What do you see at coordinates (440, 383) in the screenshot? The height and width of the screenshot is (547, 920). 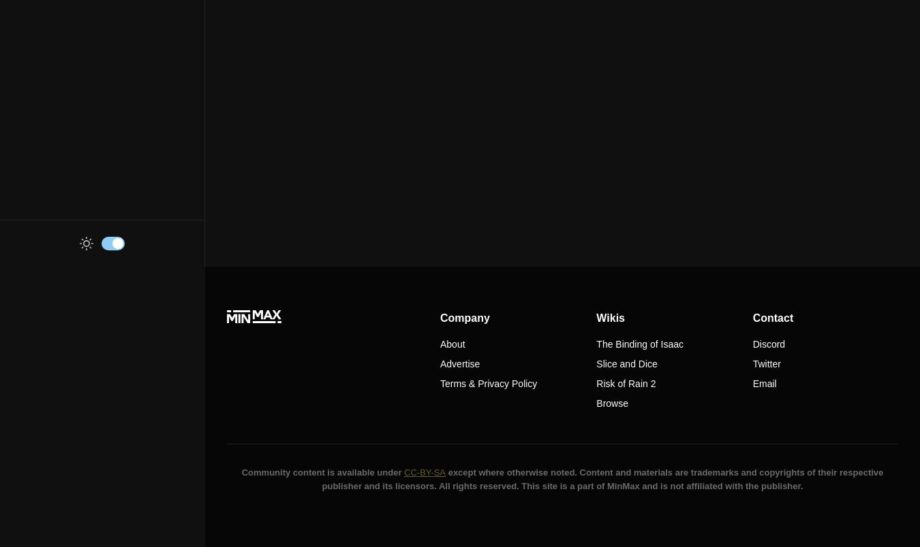 I see `'Terms & Privacy Policy'` at bounding box center [440, 383].